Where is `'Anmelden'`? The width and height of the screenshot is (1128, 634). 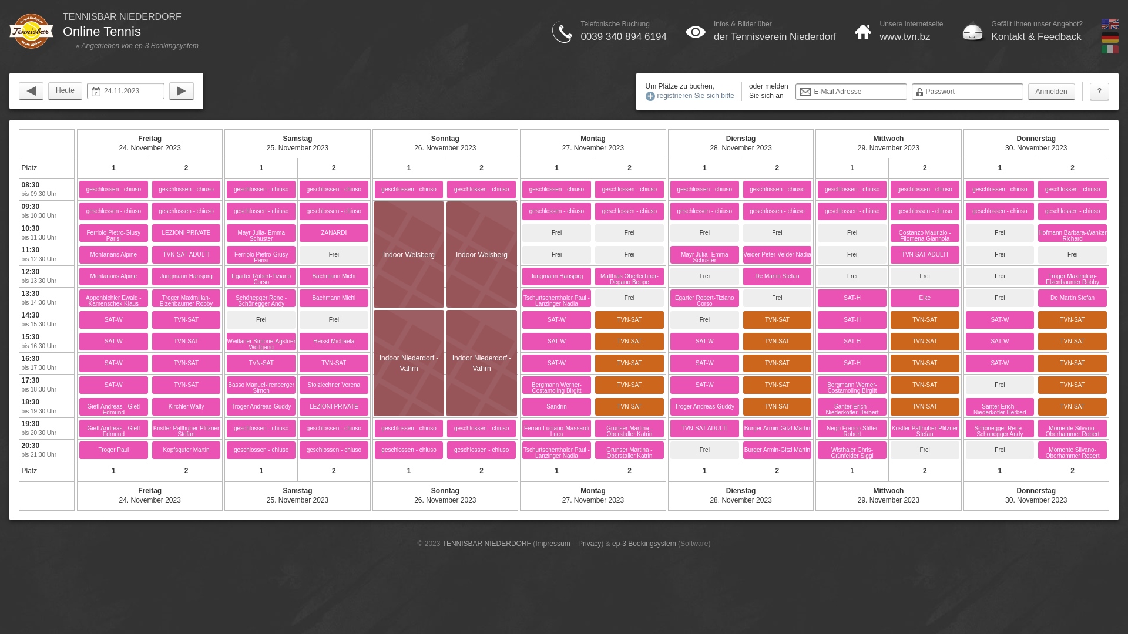
'Anmelden' is located at coordinates (1052, 90).